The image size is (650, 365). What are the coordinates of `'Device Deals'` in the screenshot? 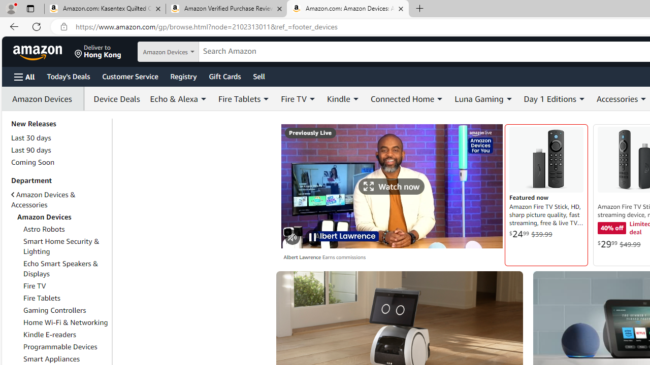 It's located at (114, 99).